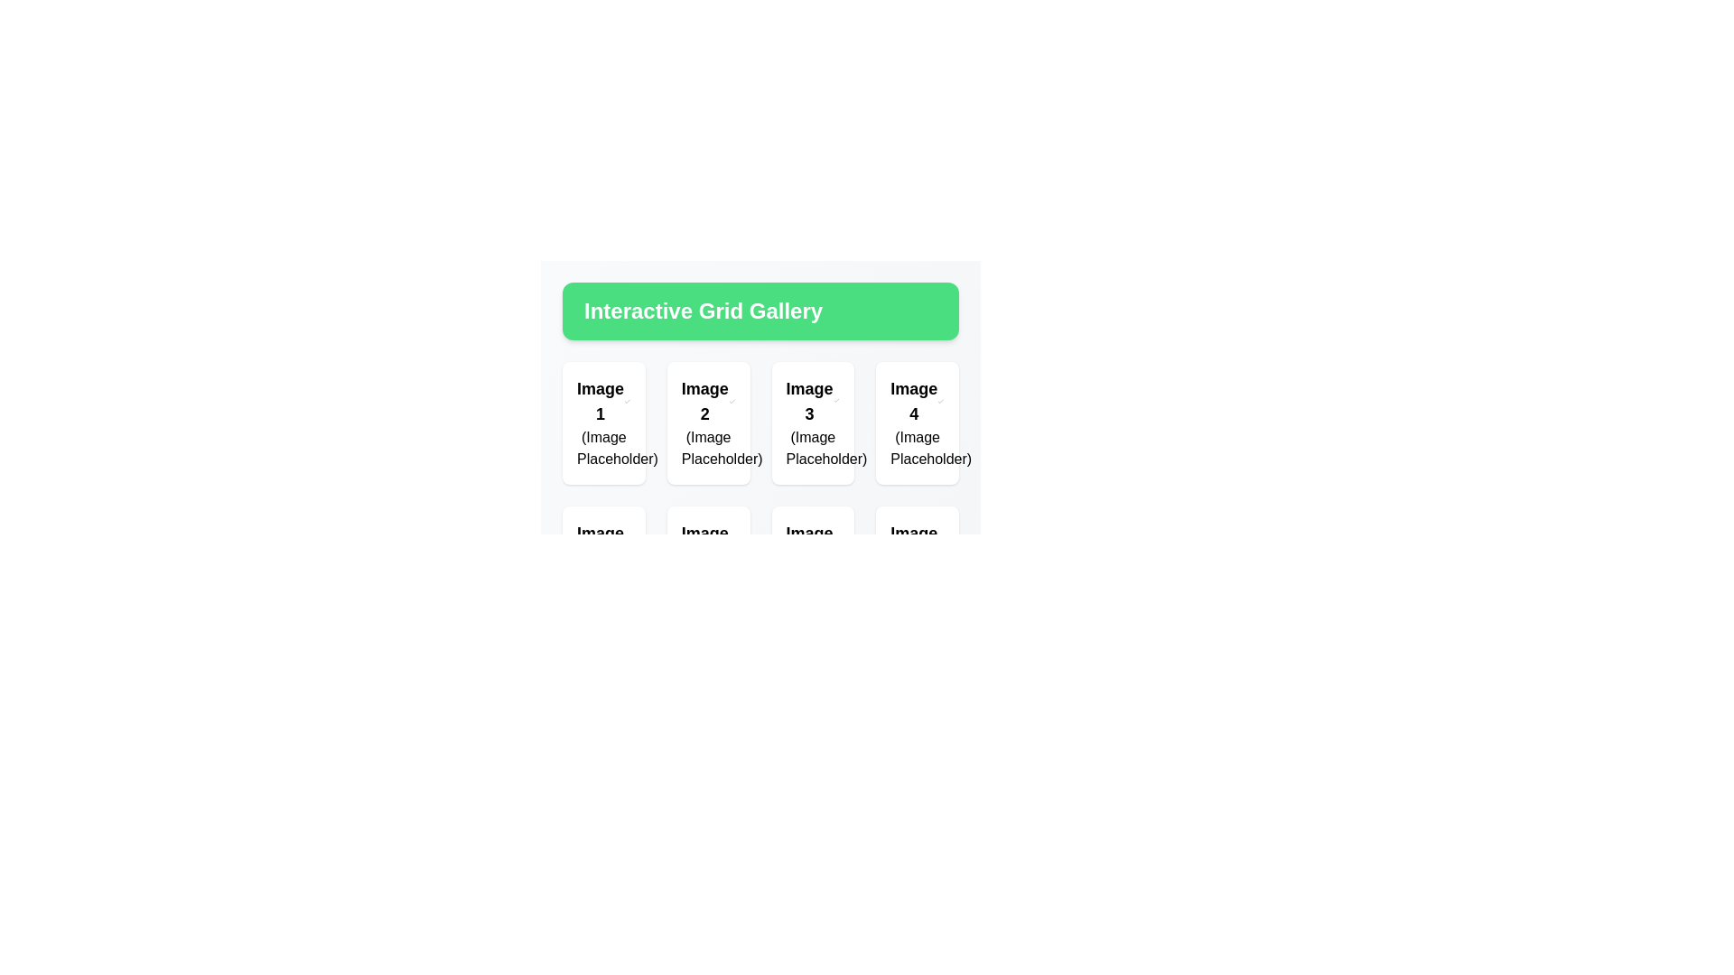 The height and width of the screenshot is (975, 1734). What do you see at coordinates (603, 448) in the screenshot?
I see `the text label displaying '(Image Placeholder)' located below 'Image 1' in the image grid` at bounding box center [603, 448].